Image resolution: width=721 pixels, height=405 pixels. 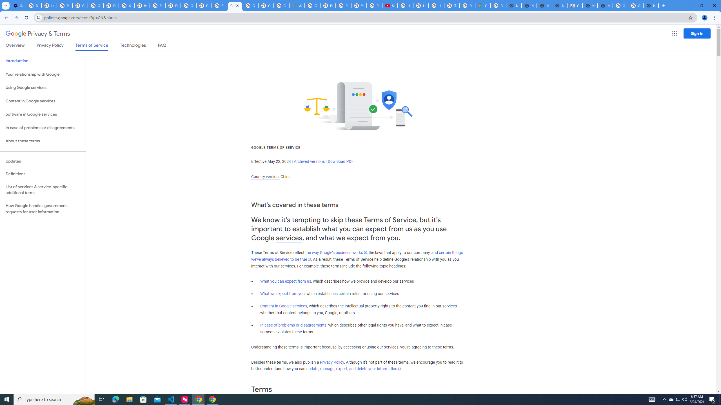 What do you see at coordinates (43, 60) in the screenshot?
I see `'Introduction'` at bounding box center [43, 60].